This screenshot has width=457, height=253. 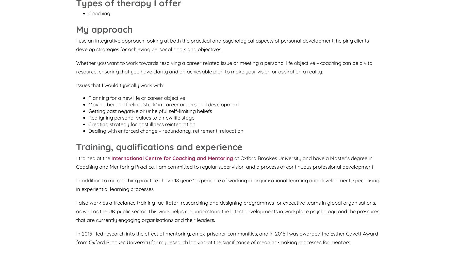 I want to click on 'In addition to my coaching practice I have 18 years’ experience of working in organisational learning and development, specialising in experiential learning processes.', so click(x=227, y=184).